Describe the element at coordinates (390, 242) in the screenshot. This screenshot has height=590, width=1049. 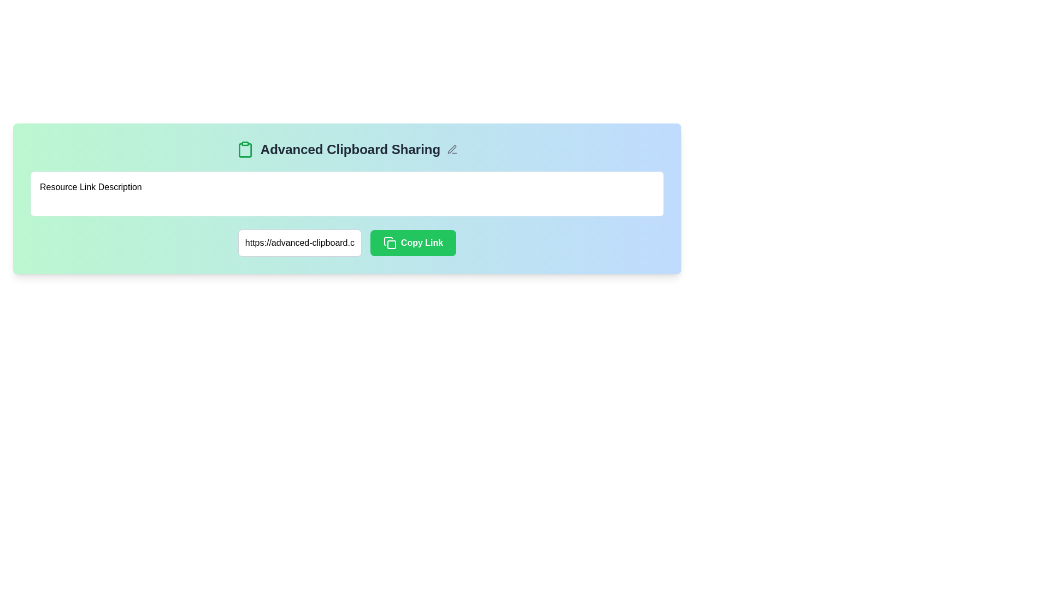
I see `the copy icon located on the left side of the 'Copy Link' button, which indicates the action of copying` at that location.